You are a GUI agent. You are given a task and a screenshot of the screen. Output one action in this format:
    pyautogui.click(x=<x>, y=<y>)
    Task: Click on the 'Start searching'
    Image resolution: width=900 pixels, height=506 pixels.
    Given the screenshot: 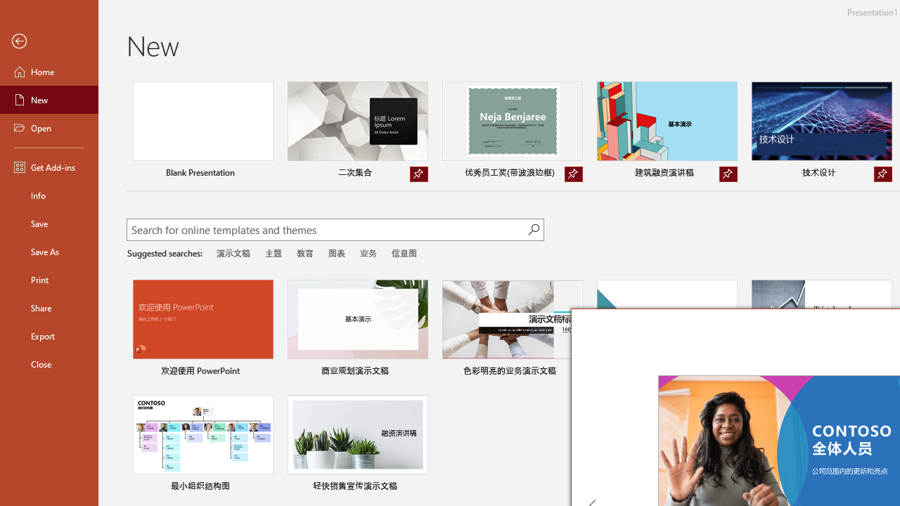 What is the action you would take?
    pyautogui.click(x=533, y=228)
    